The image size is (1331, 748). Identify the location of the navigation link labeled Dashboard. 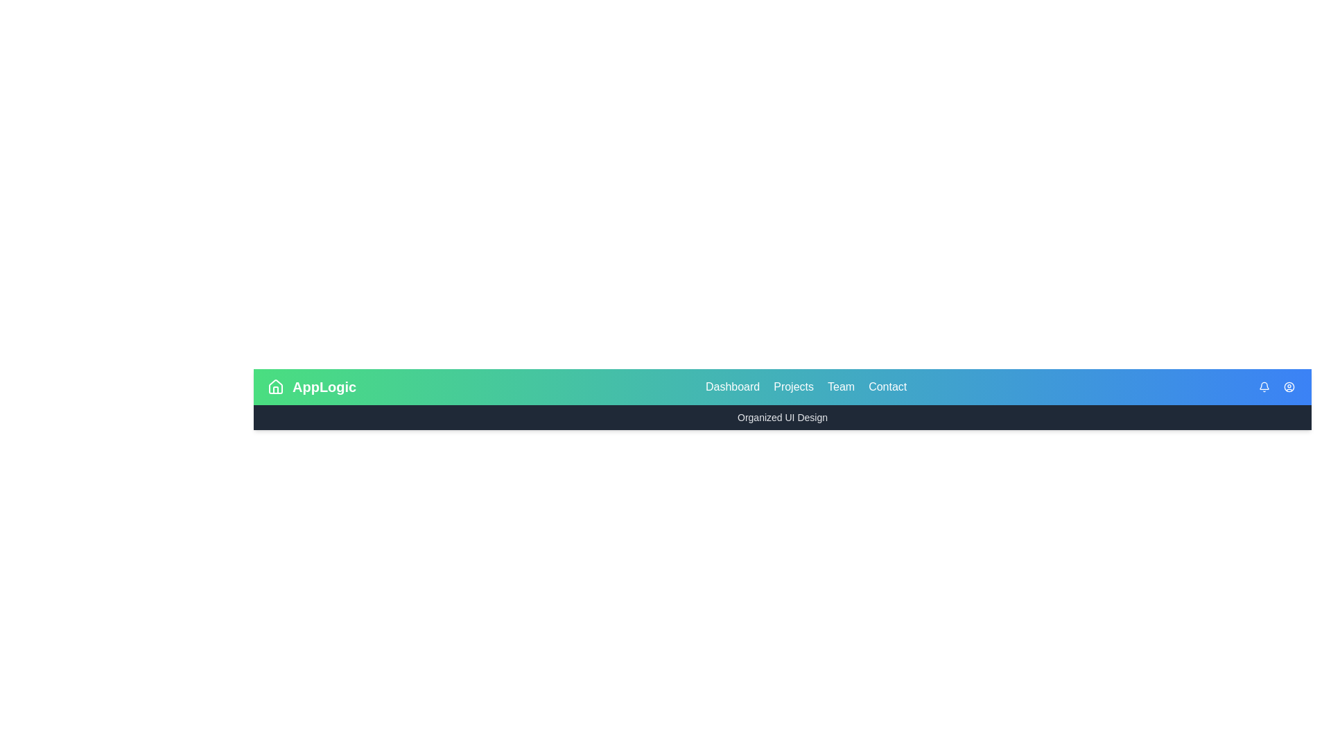
(731, 387).